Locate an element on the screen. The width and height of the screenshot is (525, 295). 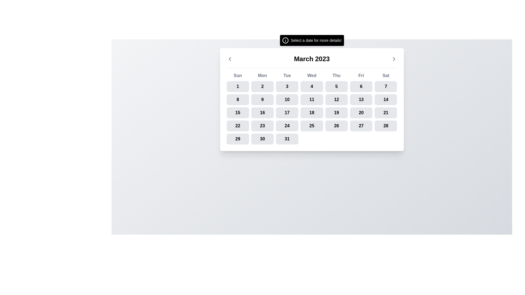
the button displaying the number '21' in bold black font, located in the sixth row and seventh column of the calendar layout is located at coordinates (386, 112).